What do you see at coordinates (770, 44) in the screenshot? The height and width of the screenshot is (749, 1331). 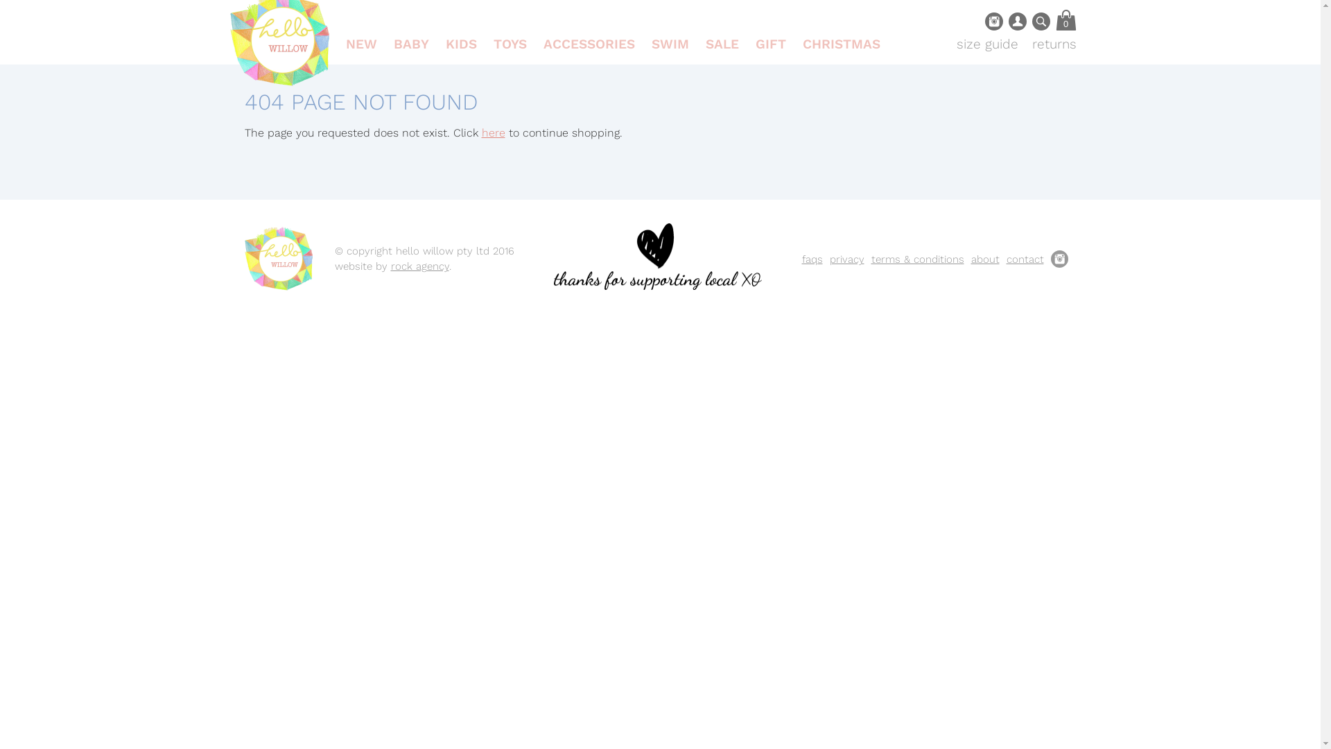 I see `'GIFT'` at bounding box center [770, 44].